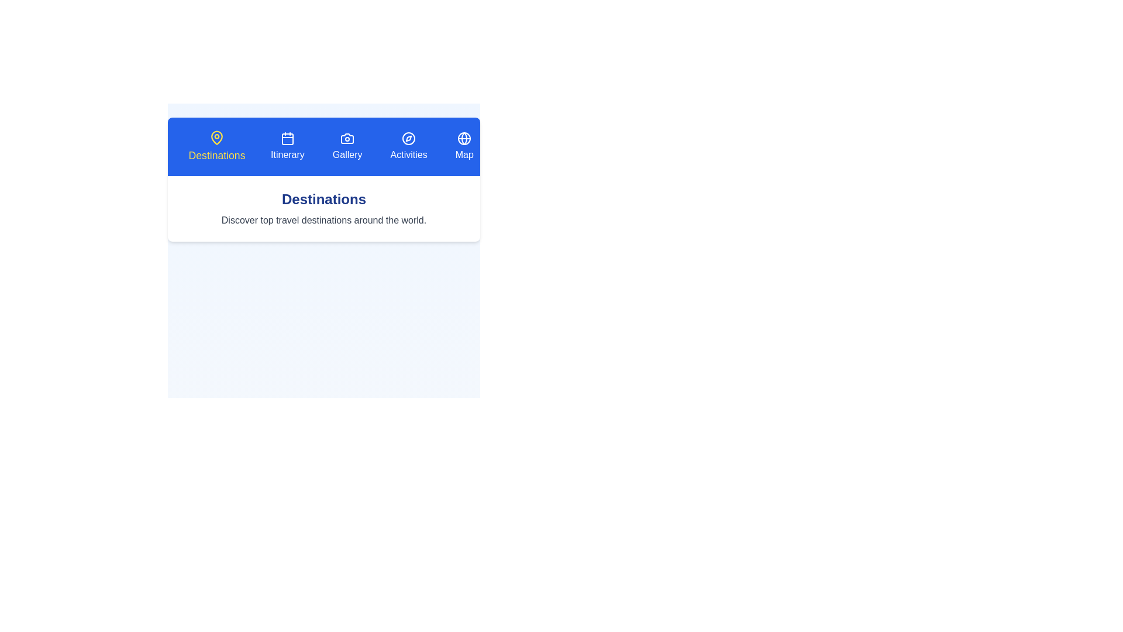 The width and height of the screenshot is (1123, 632). I want to click on the pin-shaped SVG icon with a yellow outline and blue interior located before the text 'Destinations' in the 'Destinations' section header, so click(216, 137).